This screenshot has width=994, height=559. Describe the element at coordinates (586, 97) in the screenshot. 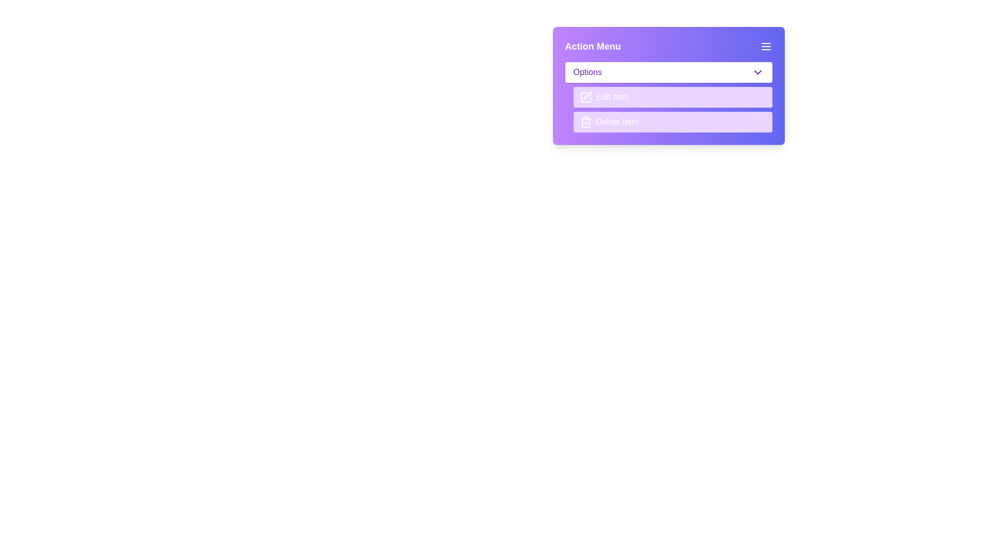

I see `the miniature square-centered pen icon that is part of the first button in the vertical list within the 'Action Menu', located to the left of the 'Edit Item' label` at that location.